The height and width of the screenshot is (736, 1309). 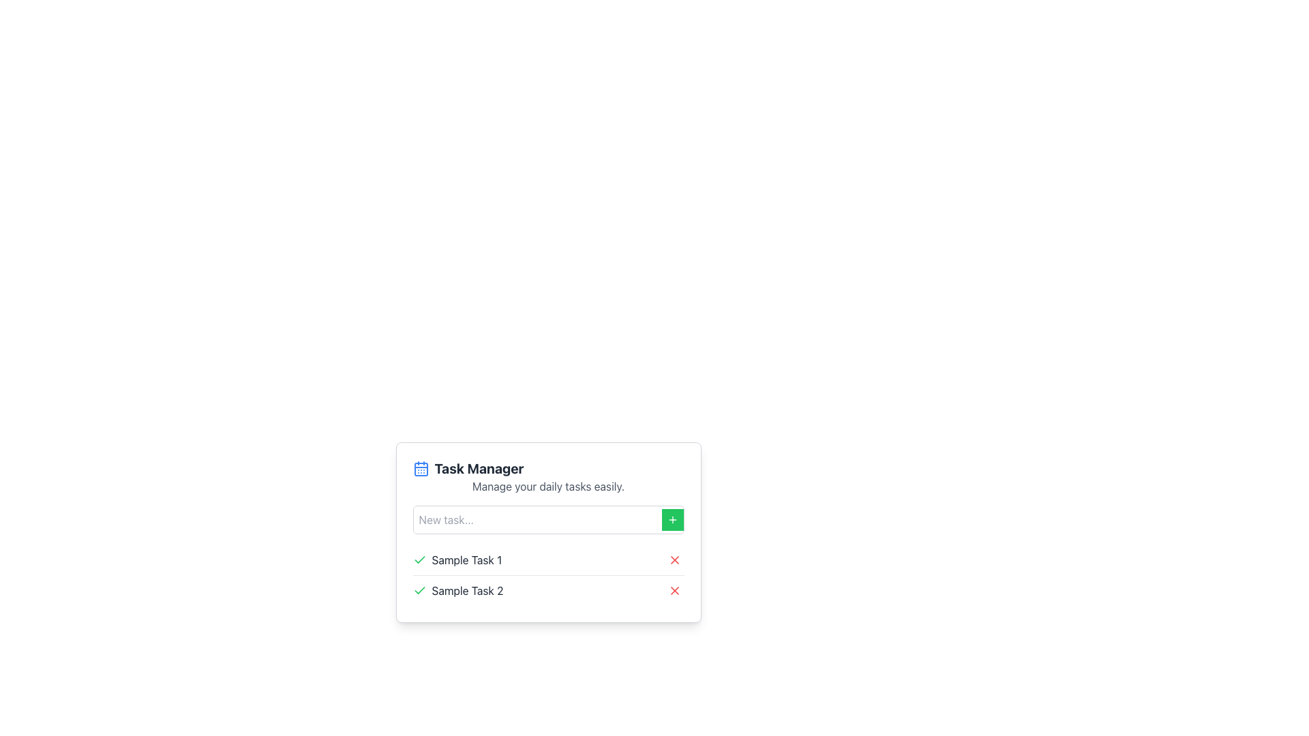 I want to click on the text label 'Sample Task 1' in the task management interface, which identifies the first task entry in the list, so click(x=457, y=559).